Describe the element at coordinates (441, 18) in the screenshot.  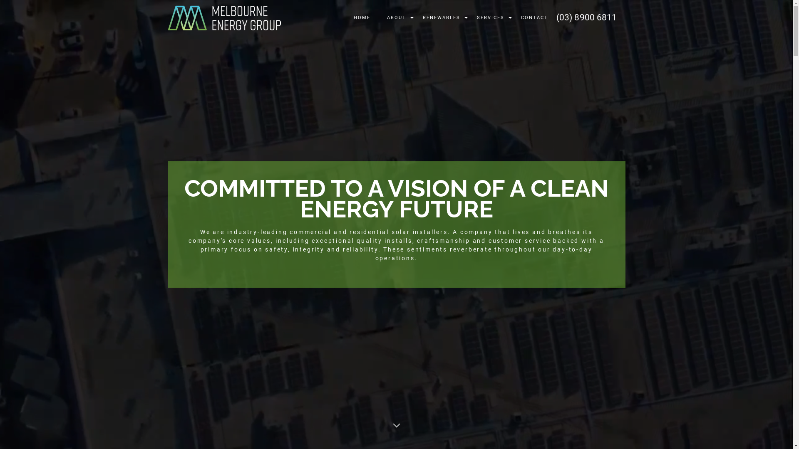
I see `'RENEWABLES'` at that location.